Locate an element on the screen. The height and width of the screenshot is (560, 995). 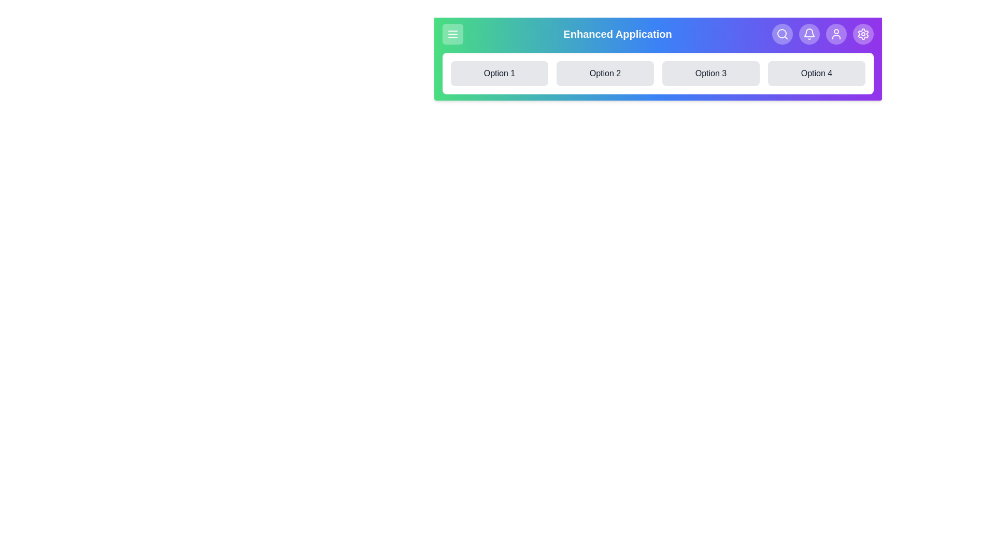
the menu button to toggle the menu visibility is located at coordinates (452, 33).